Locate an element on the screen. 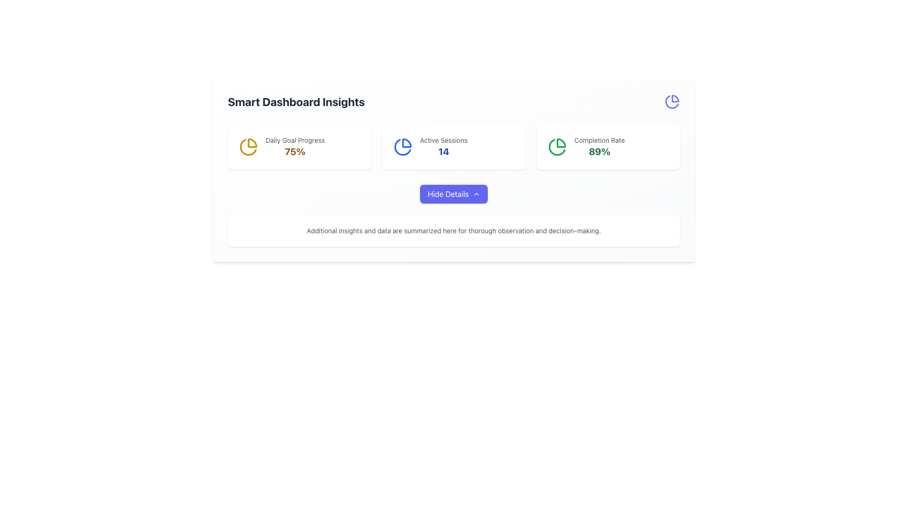 This screenshot has height=509, width=904. the green pie chart icon representing the 'Completion Rate 89%' feature located in the top right section of the dashboard interface is located at coordinates (557, 147).